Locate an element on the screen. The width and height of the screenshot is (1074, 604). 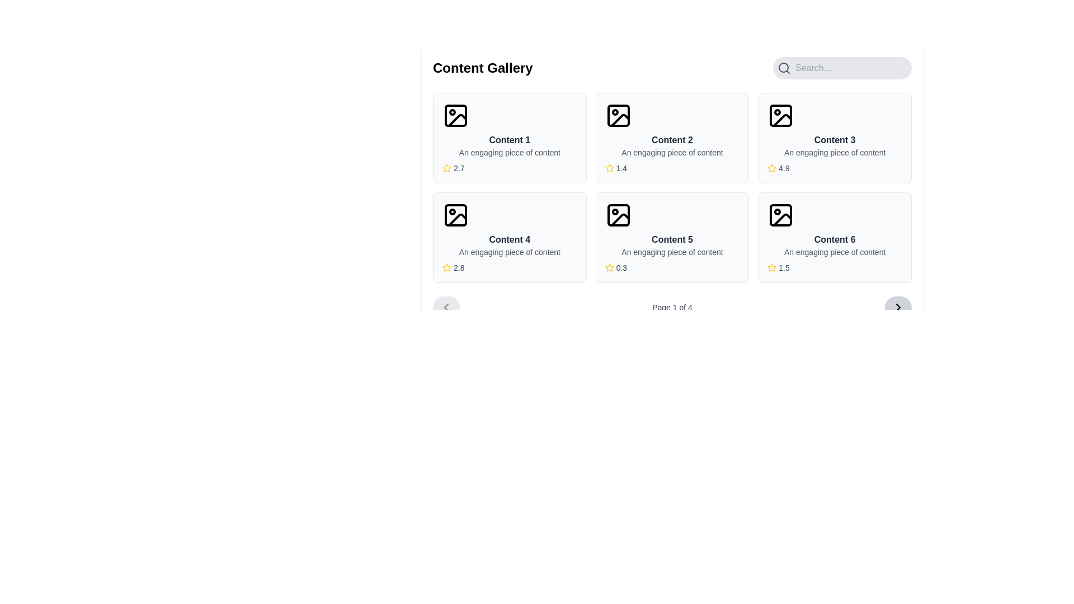
text of the Text Label displaying 'Content 6' in bold, dark gray font located in the last column and the bottom-most row of a grid layout is located at coordinates (835, 239).